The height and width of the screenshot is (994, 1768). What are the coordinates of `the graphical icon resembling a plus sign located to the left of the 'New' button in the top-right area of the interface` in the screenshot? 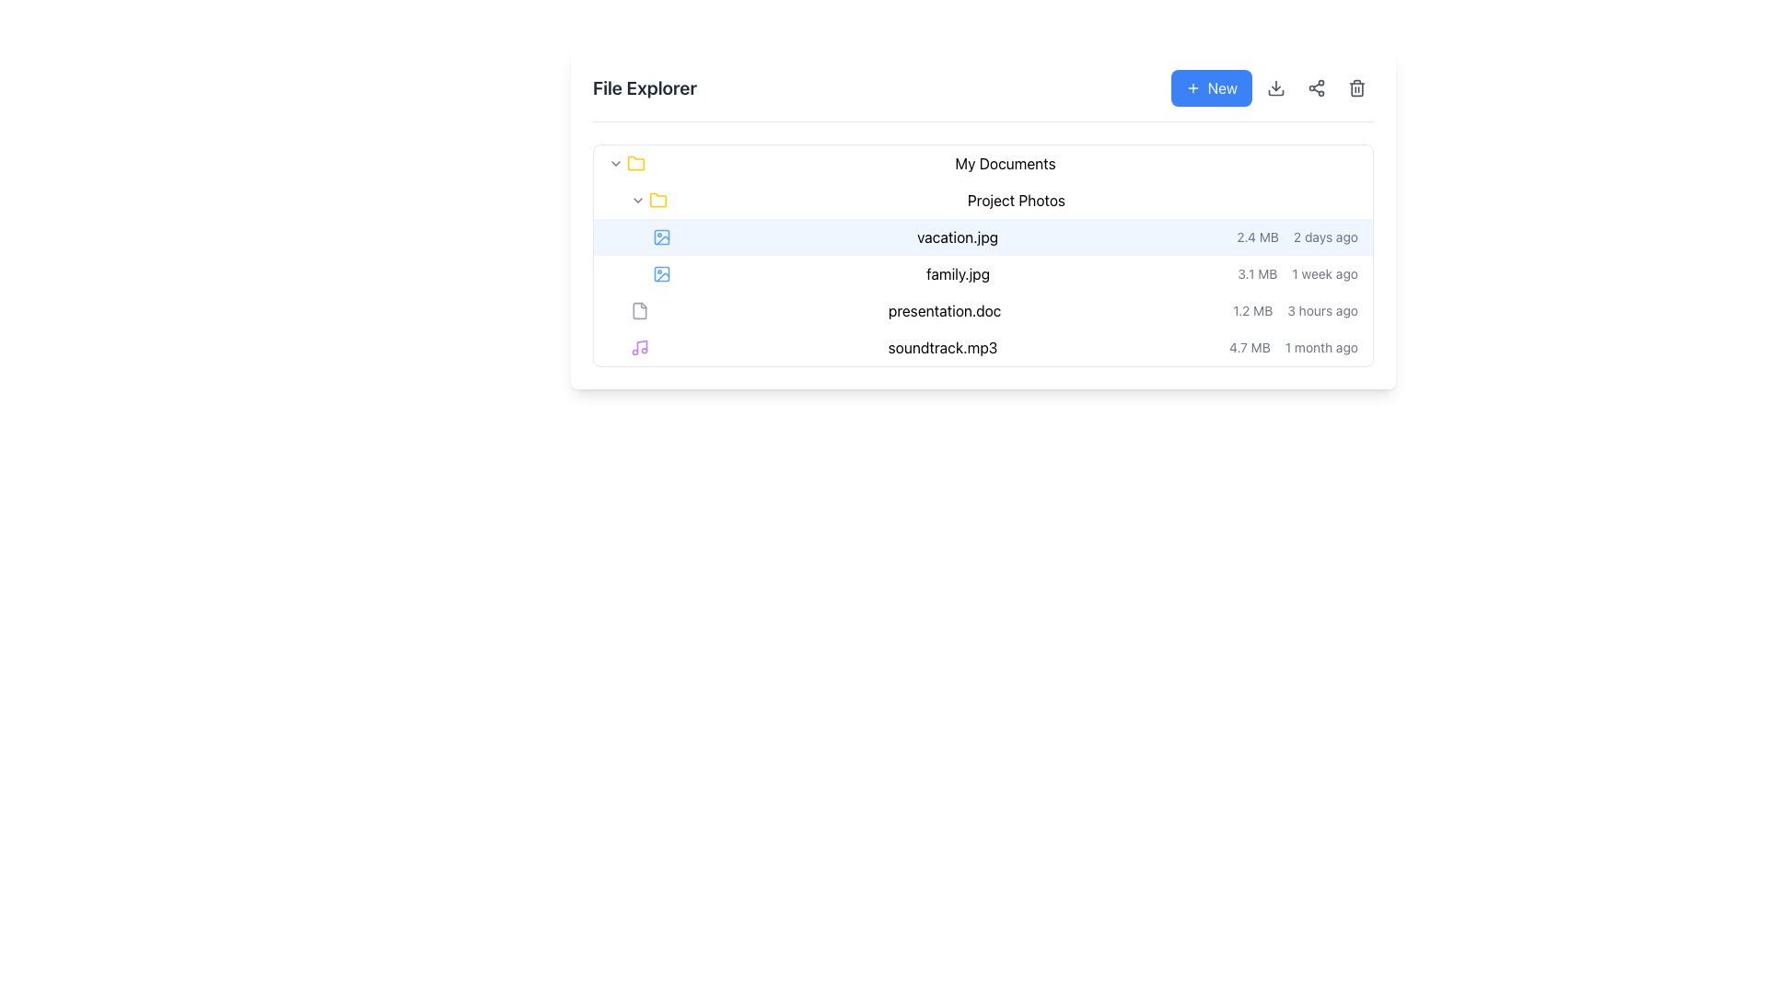 It's located at (1192, 88).